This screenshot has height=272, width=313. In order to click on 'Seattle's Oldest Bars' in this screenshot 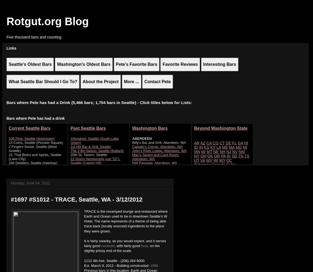, I will do `click(30, 64)`.